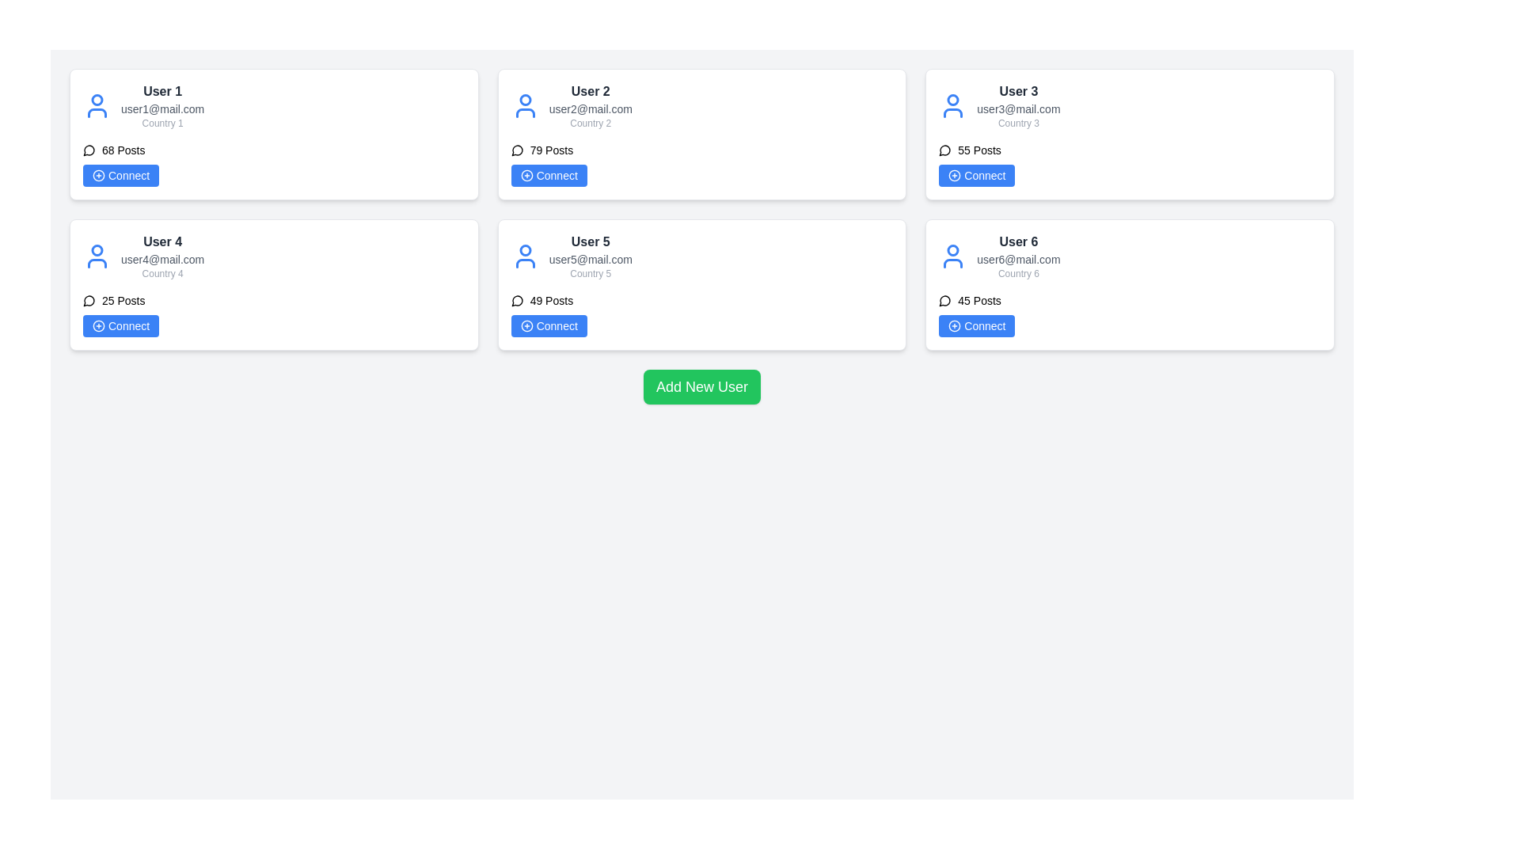 Image resolution: width=1520 pixels, height=855 pixels. What do you see at coordinates (88, 150) in the screenshot?
I see `the speech balloon or chat icon graphic element within the user card labeled 'User 1', located adjacent to the post count text '68 Posts'` at bounding box center [88, 150].